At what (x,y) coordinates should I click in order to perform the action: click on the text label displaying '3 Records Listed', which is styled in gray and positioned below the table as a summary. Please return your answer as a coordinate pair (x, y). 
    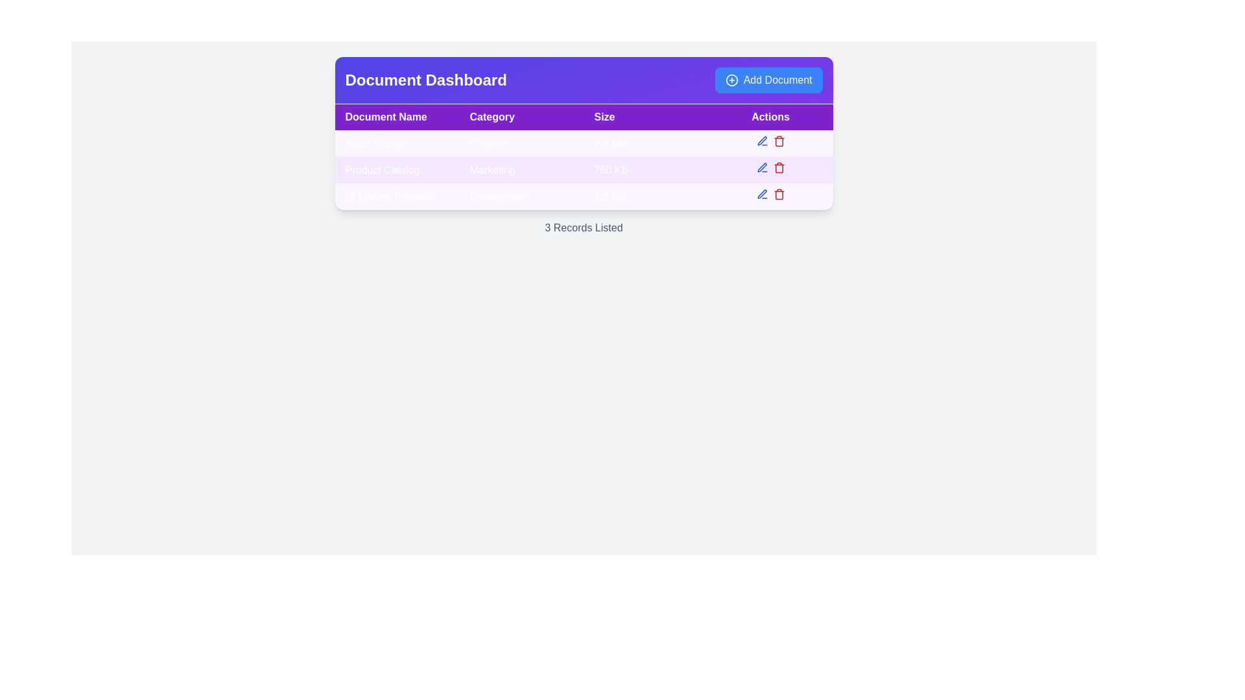
    Looking at the image, I should click on (583, 227).